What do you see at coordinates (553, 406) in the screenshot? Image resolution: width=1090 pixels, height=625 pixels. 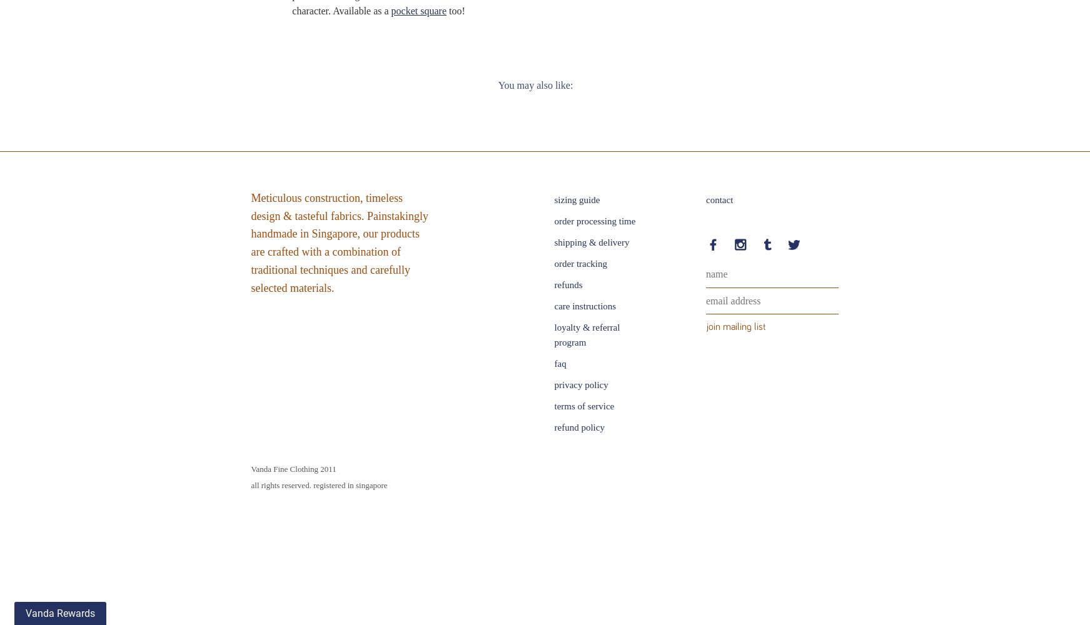 I see `'Terms of Service'` at bounding box center [553, 406].